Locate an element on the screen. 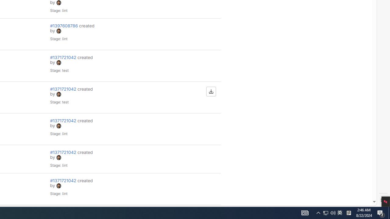 The image size is (390, 219). '#1397608786 created by avatar Stage: lint' is located at coordinates (74, 34).